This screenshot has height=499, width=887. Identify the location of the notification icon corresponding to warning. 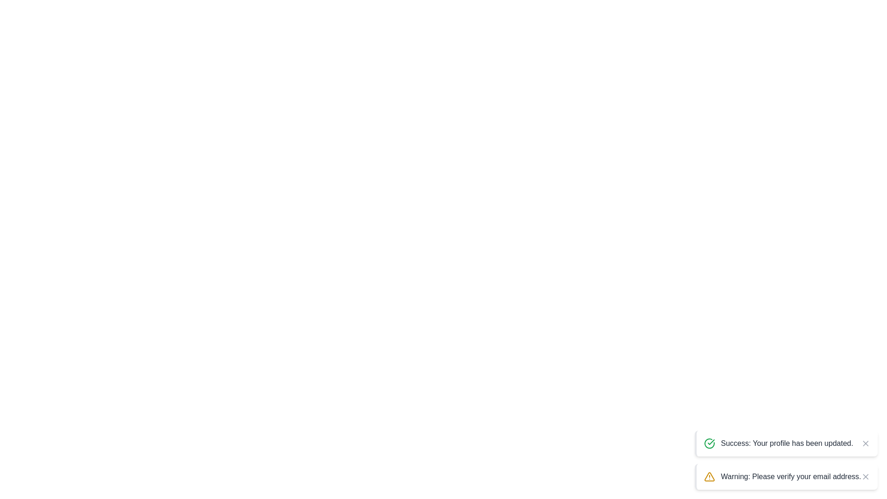
(709, 477).